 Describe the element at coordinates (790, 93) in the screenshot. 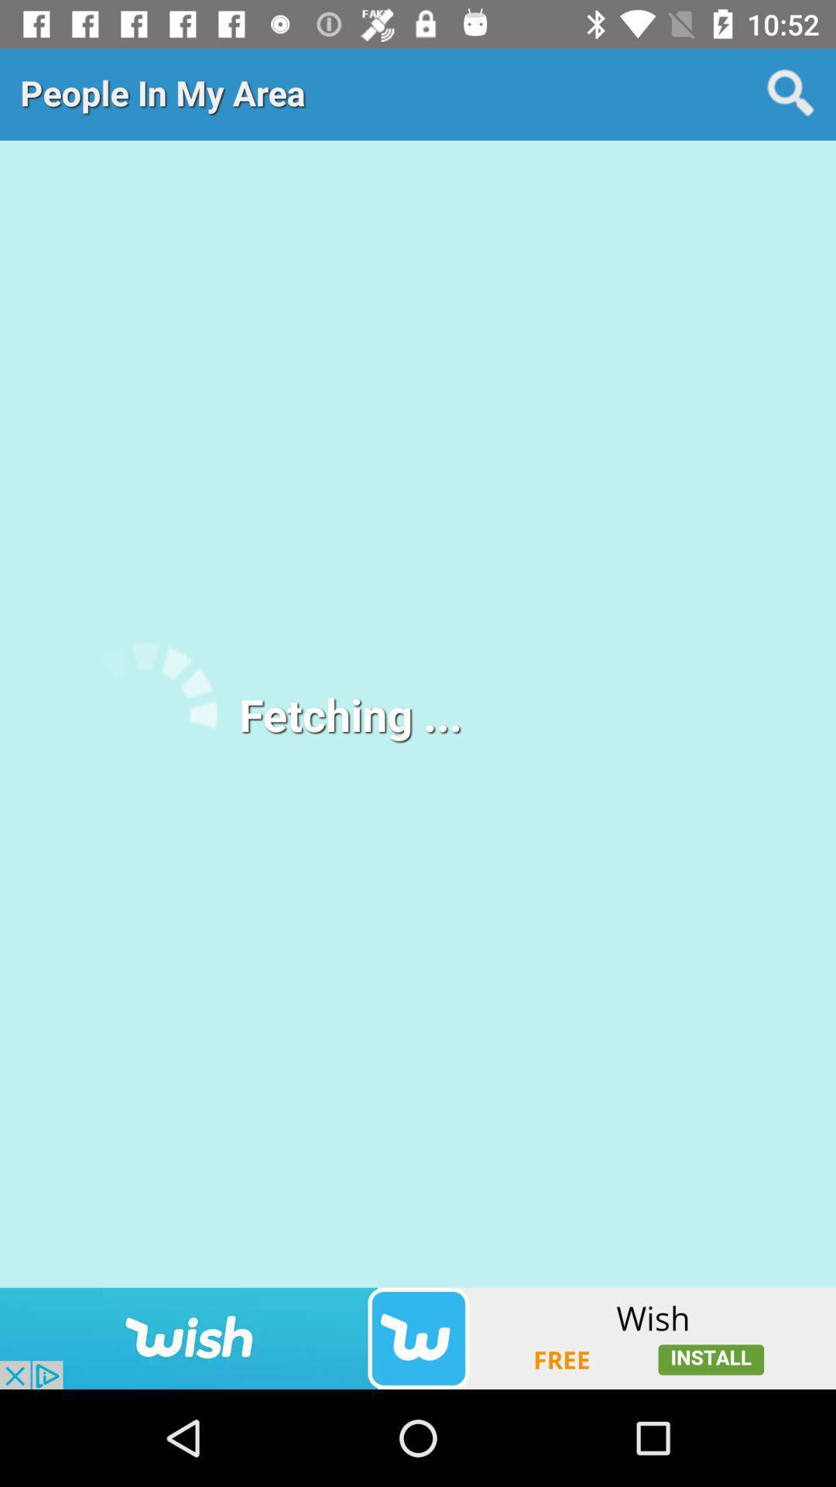

I see `search for people` at that location.